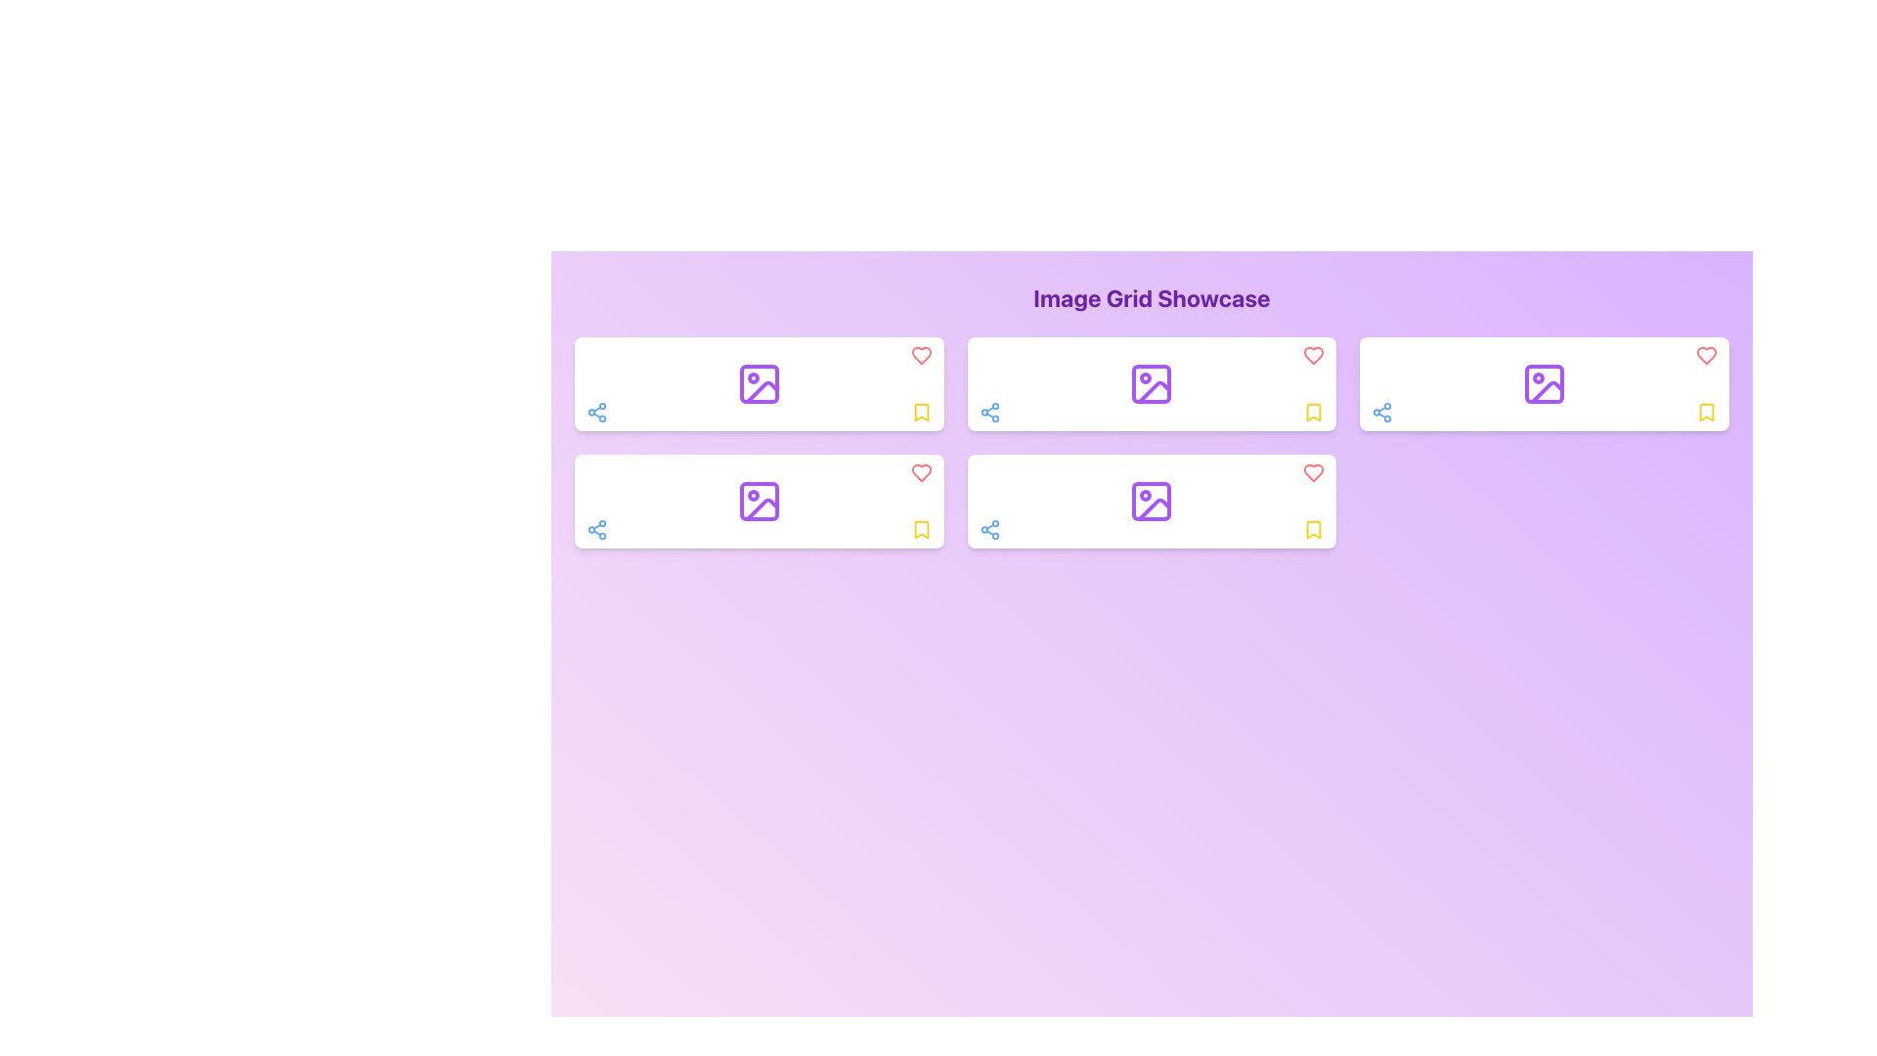  Describe the element at coordinates (1152, 501) in the screenshot. I see `the decorative component within the SVG image located at the center of the bottom row of the grid layout` at that location.